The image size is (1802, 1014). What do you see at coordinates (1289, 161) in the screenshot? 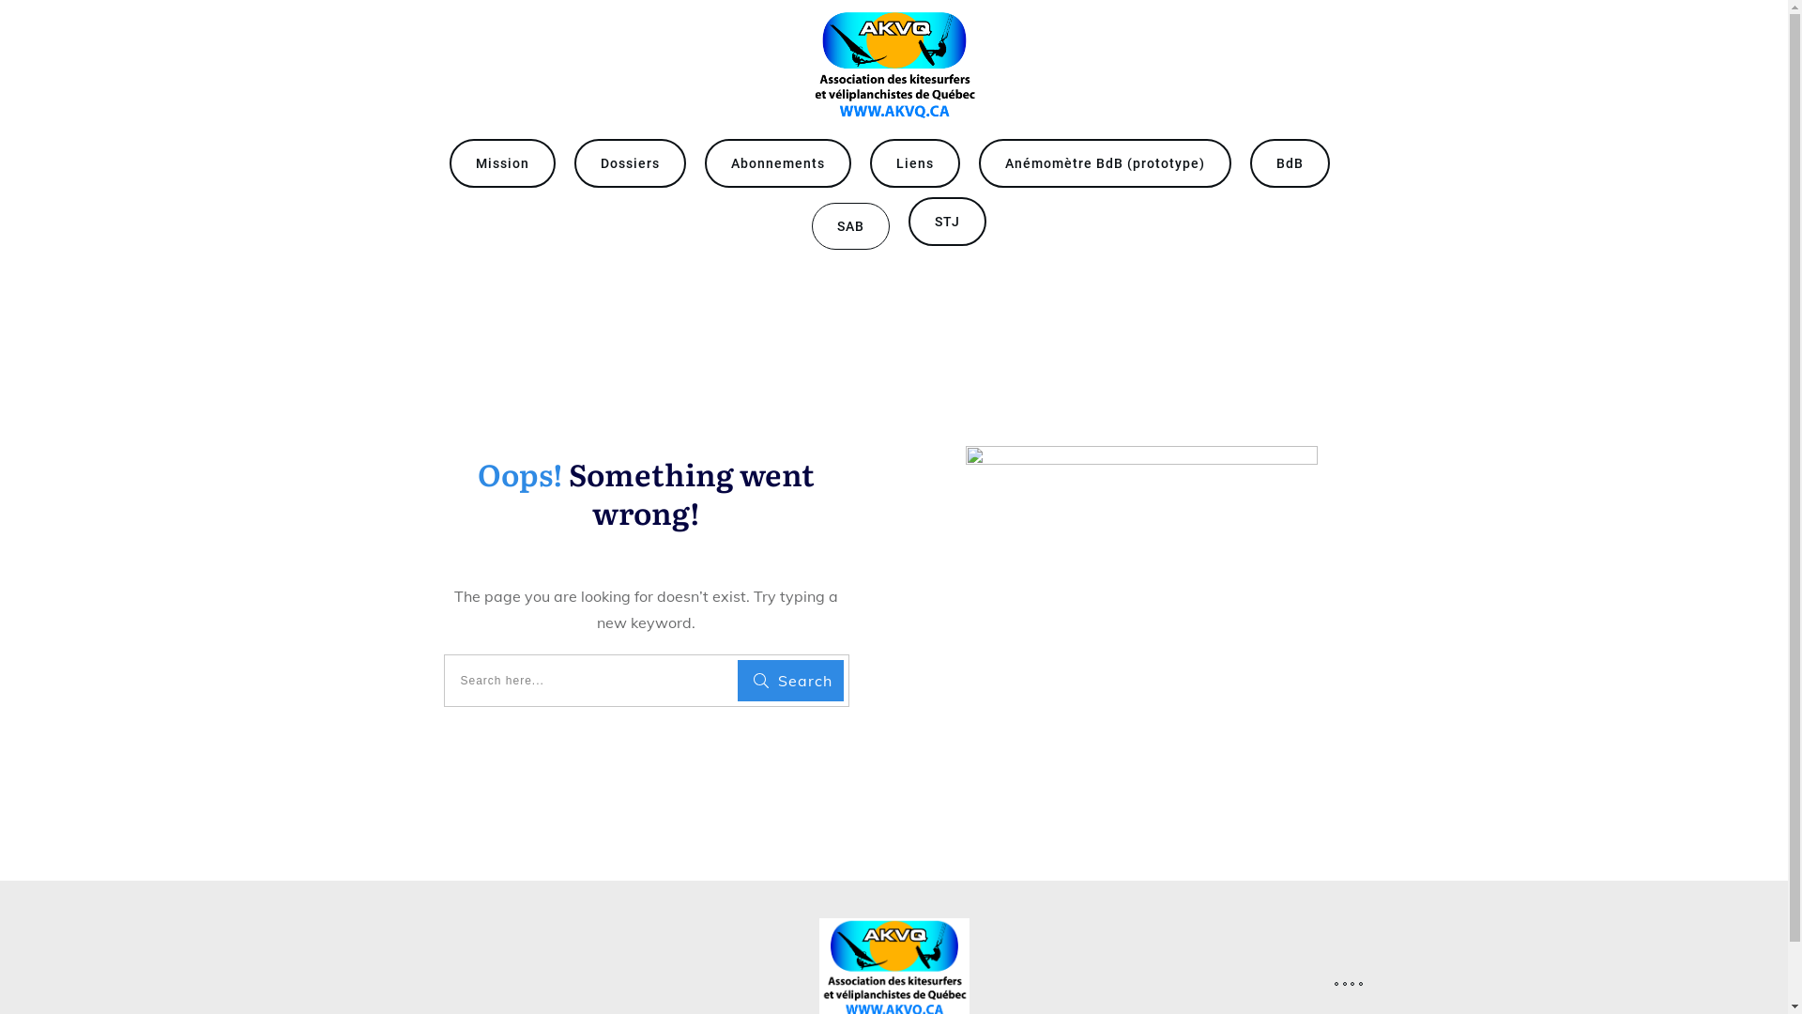
I see `'BdB'` at bounding box center [1289, 161].